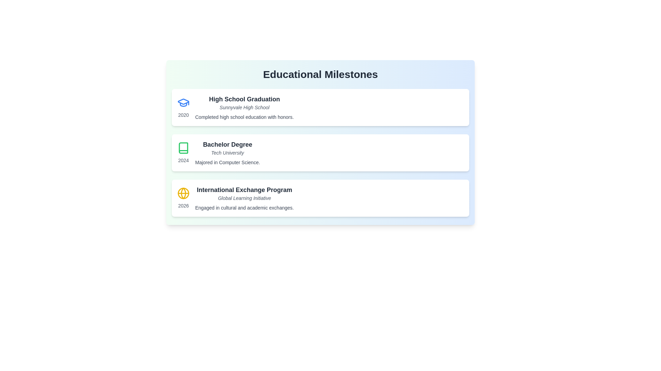 This screenshot has height=371, width=661. I want to click on the educational milestone card displaying a bachelor's degree in computer science from Tech University, located between 'High School Graduation' and 'International Exchange Program', so click(320, 152).